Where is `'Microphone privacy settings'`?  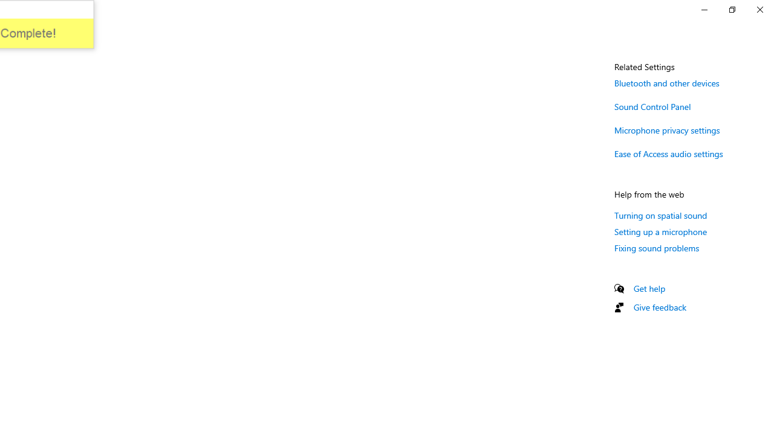
'Microphone privacy settings' is located at coordinates (666, 130).